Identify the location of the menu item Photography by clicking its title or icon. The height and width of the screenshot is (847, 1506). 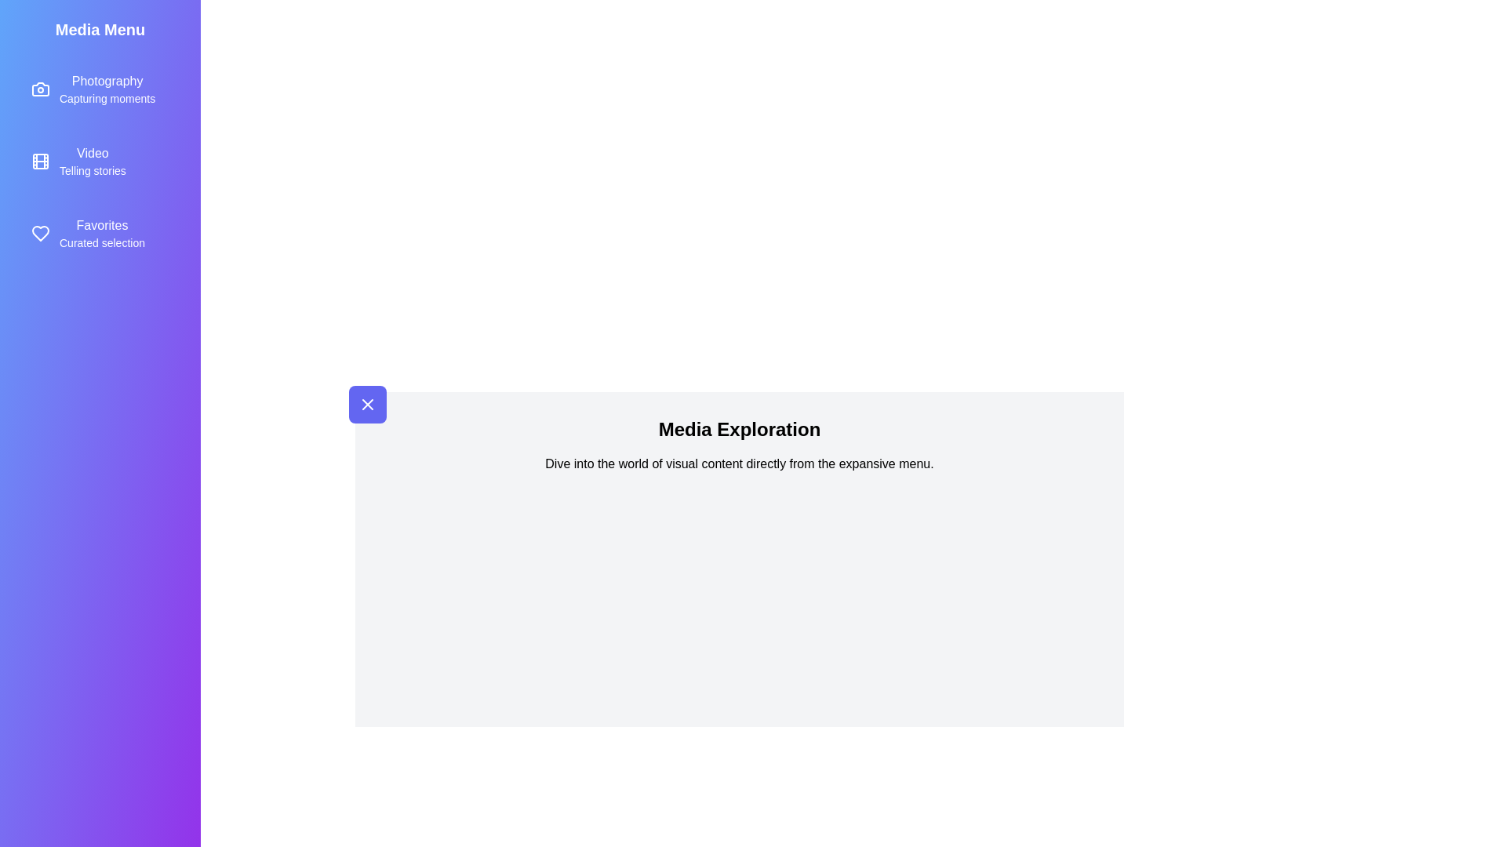
(100, 89).